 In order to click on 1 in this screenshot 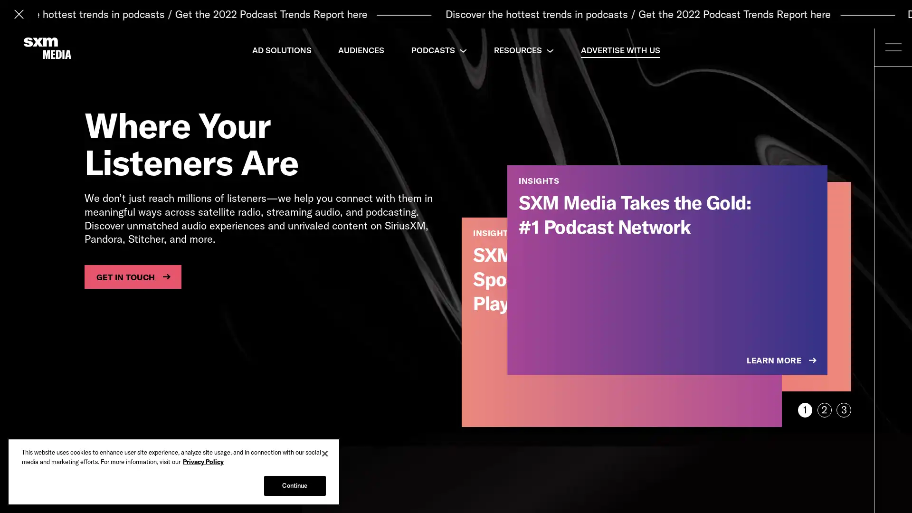, I will do `click(804, 409)`.